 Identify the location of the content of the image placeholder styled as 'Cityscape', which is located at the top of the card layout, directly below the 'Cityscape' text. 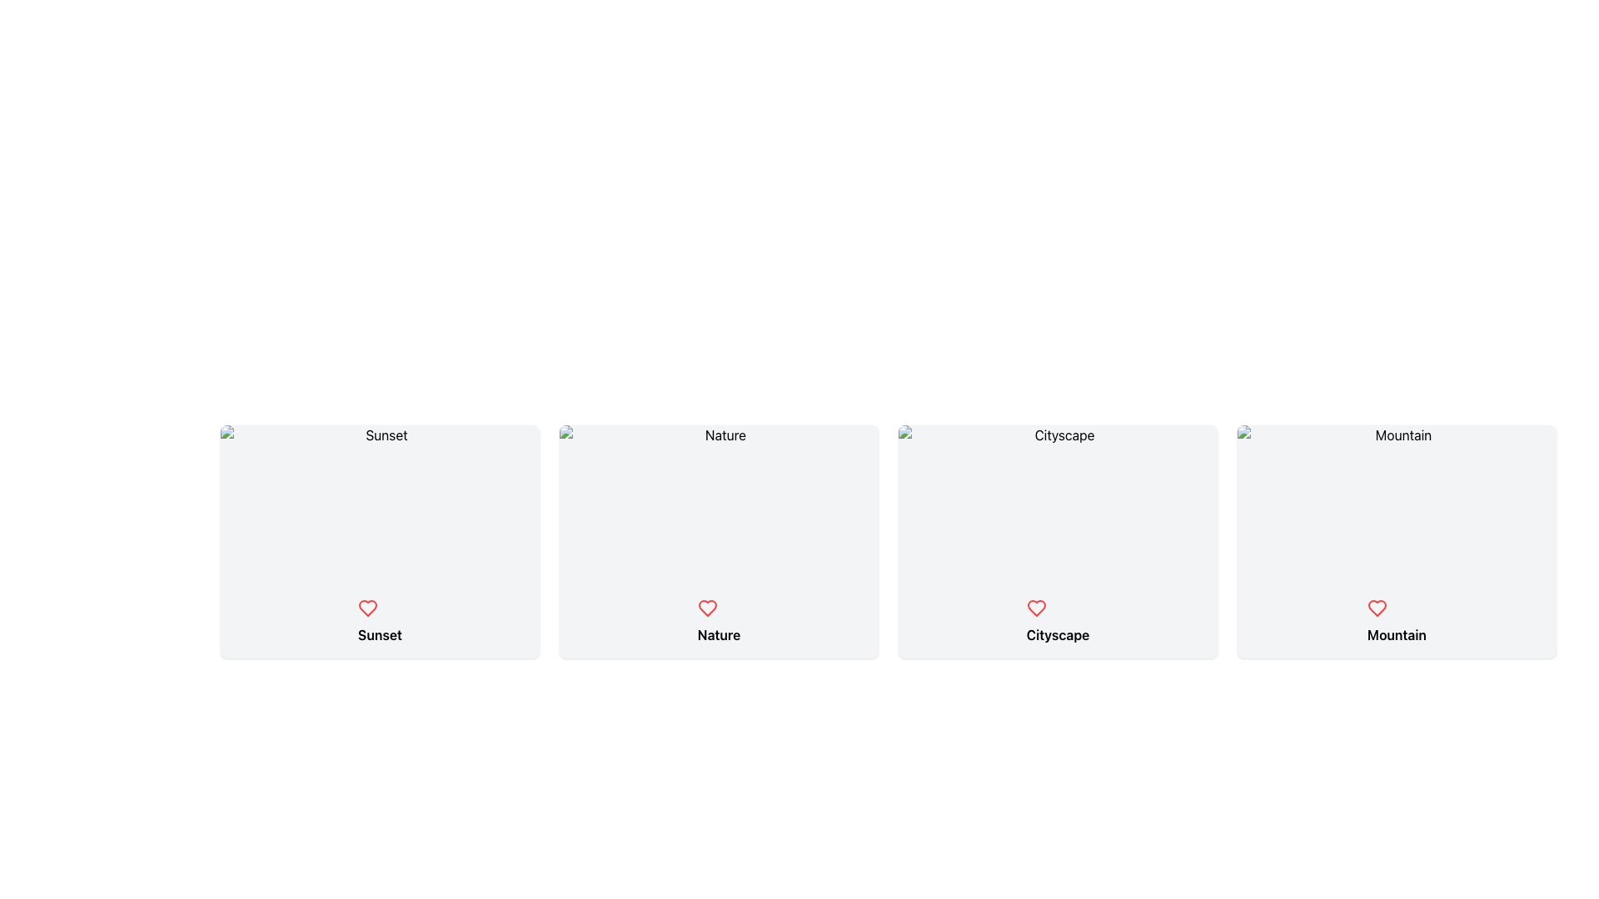
(1057, 504).